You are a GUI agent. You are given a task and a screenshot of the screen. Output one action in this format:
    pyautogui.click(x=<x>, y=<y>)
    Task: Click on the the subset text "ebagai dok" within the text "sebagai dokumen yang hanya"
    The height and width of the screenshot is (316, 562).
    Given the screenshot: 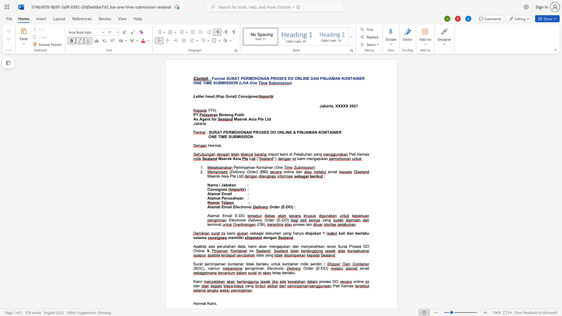 What is the action you would take?
    pyautogui.click(x=252, y=233)
    